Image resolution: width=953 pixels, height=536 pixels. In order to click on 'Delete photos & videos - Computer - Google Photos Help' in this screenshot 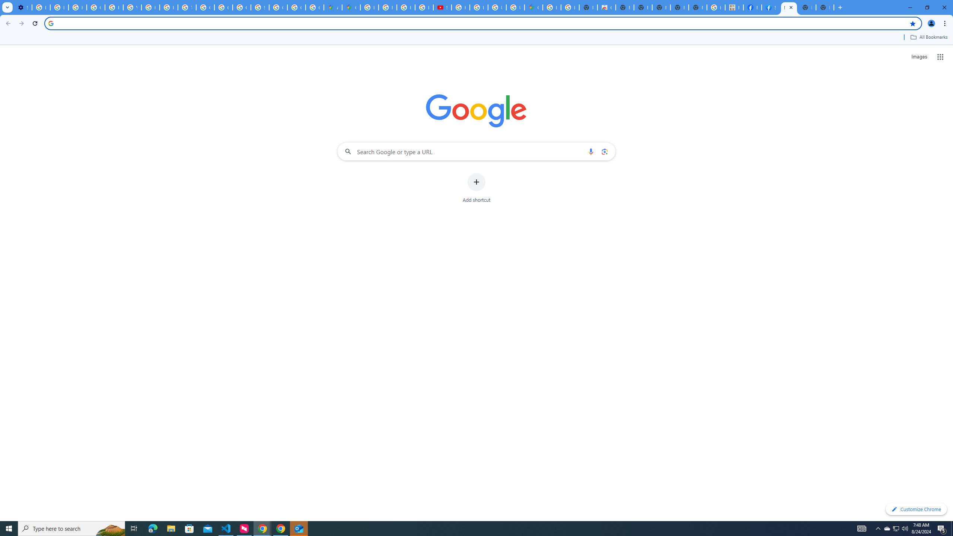, I will do `click(41, 7)`.